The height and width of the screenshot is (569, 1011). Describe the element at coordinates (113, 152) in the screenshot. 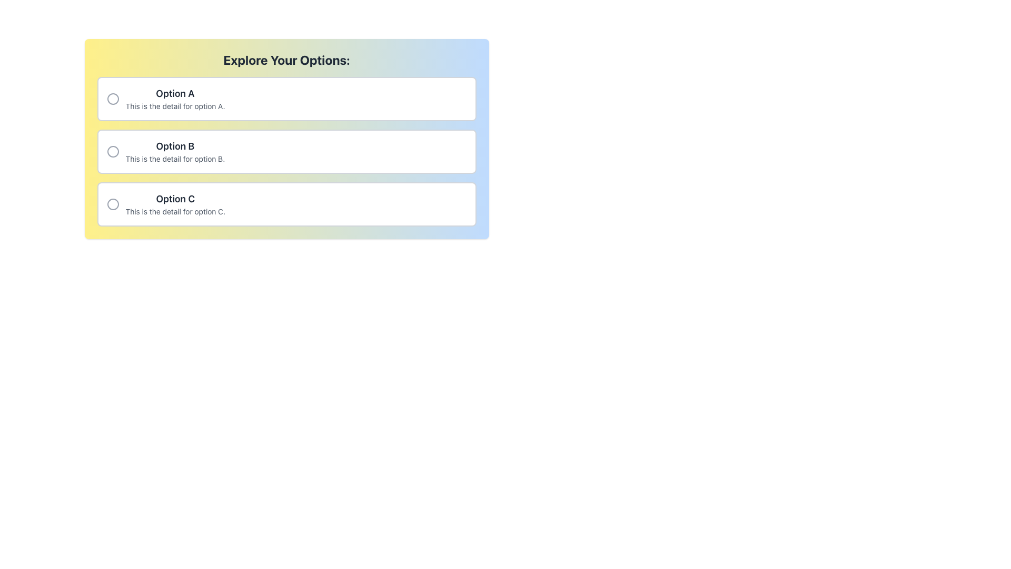

I see `the unselected circle of the radio button associated with 'Option B'` at that location.